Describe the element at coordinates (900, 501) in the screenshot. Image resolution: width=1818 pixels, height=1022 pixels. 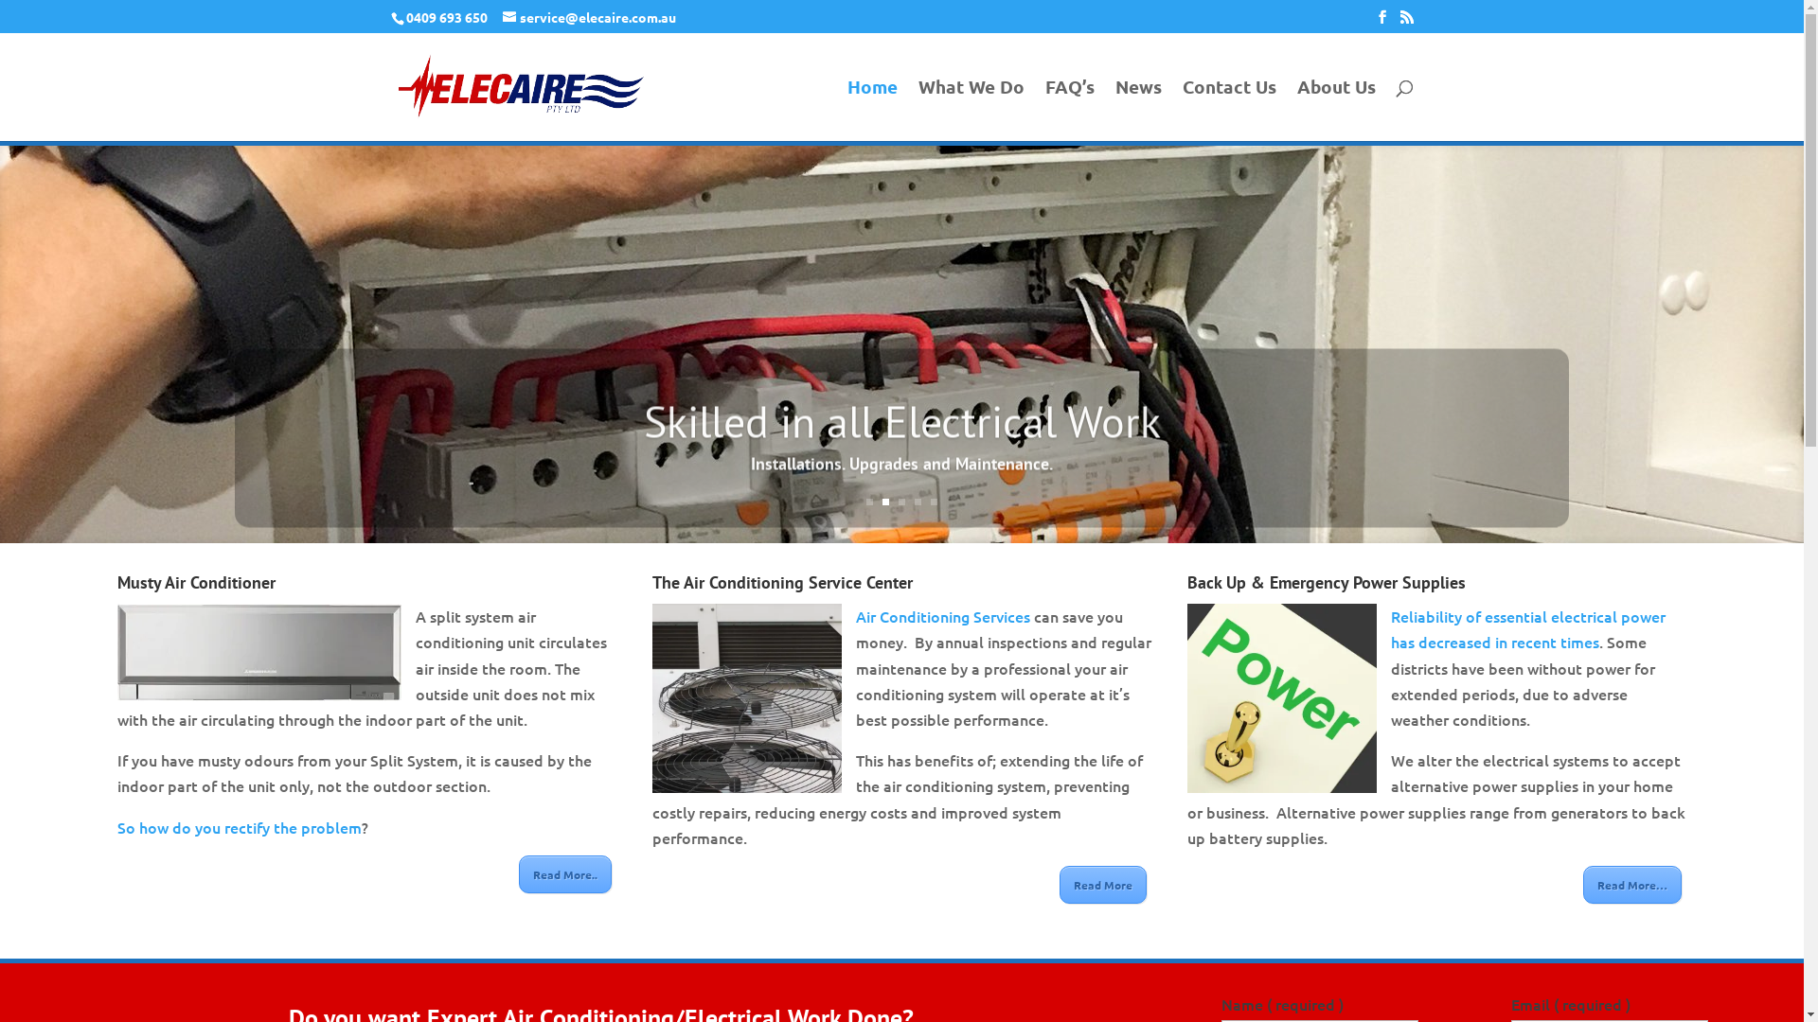
I see `'3'` at that location.